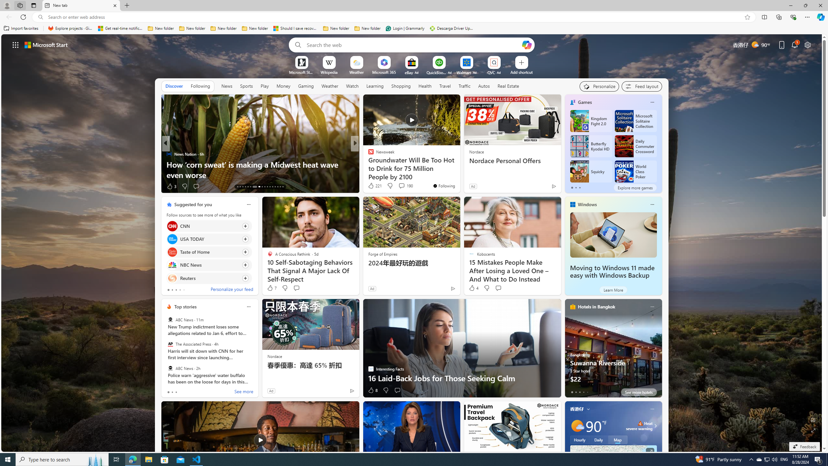  I want to click on 'View comments 6 Comment', so click(399, 186).